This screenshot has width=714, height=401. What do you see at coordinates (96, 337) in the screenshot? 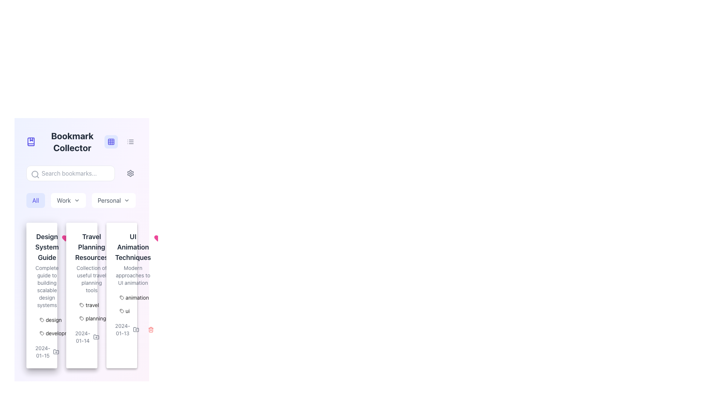
I see `the SVG Icon located centrally within the rounded clickable area below the date '2024-01-14' on the second card item` at bounding box center [96, 337].